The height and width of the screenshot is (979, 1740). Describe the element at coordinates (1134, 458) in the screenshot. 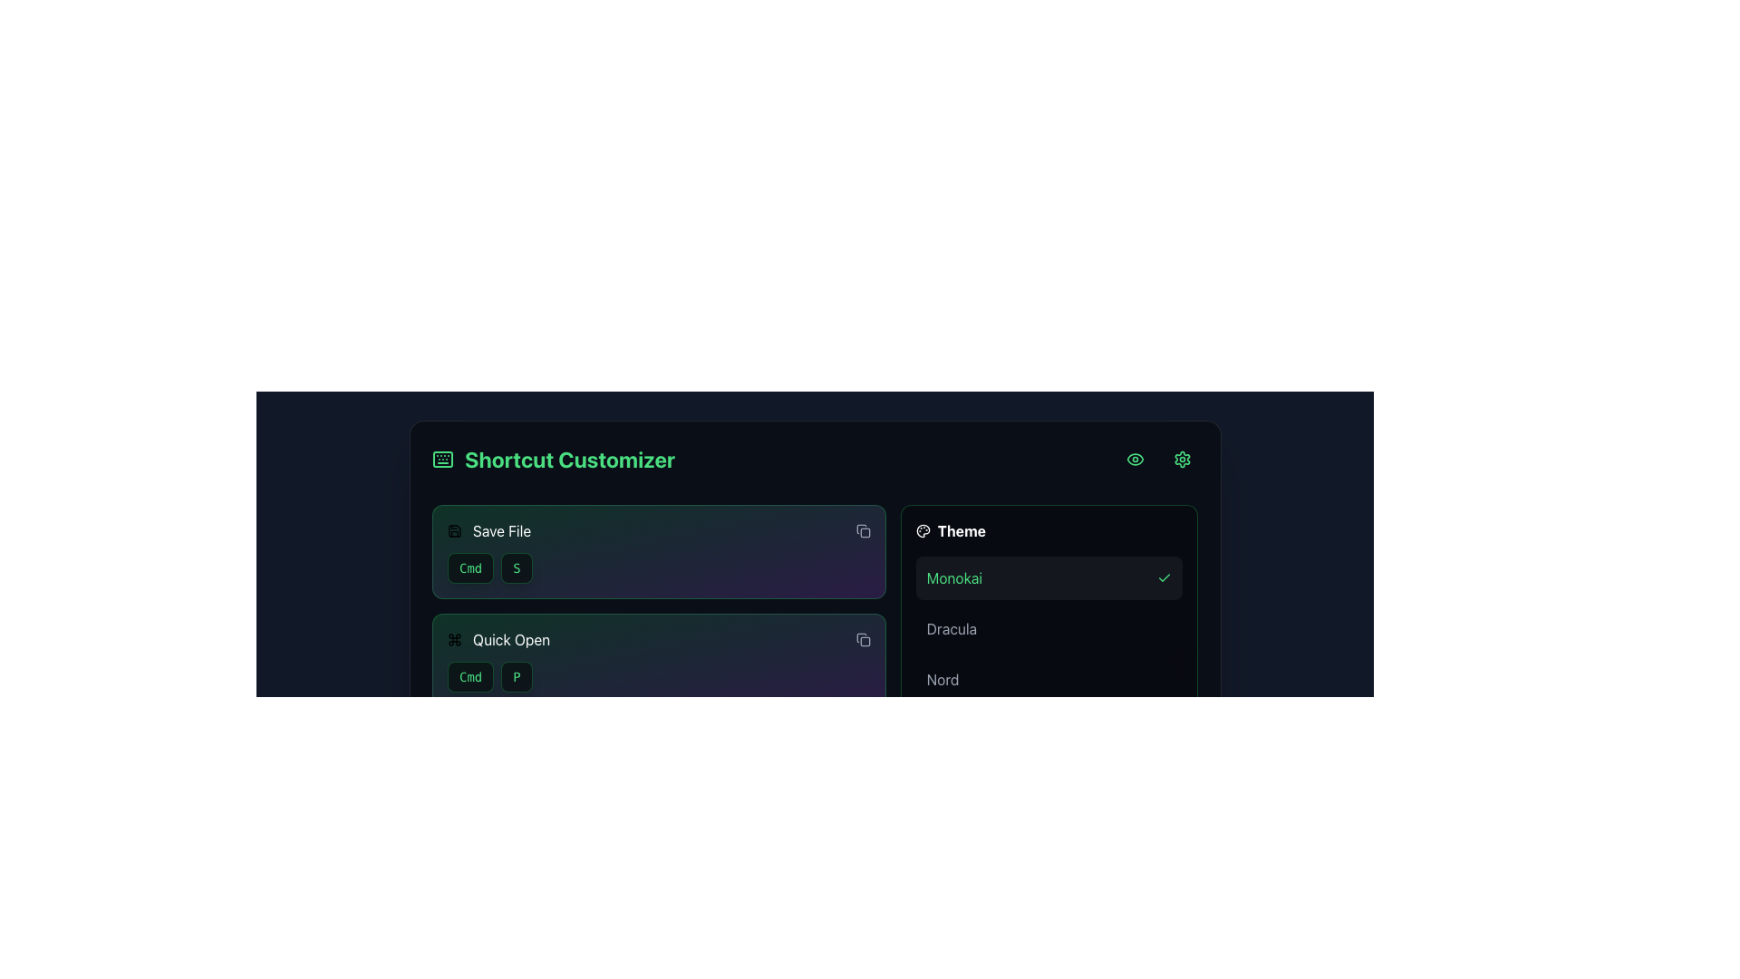

I see `the first interactive button located in the top-right corner of the UI` at that location.